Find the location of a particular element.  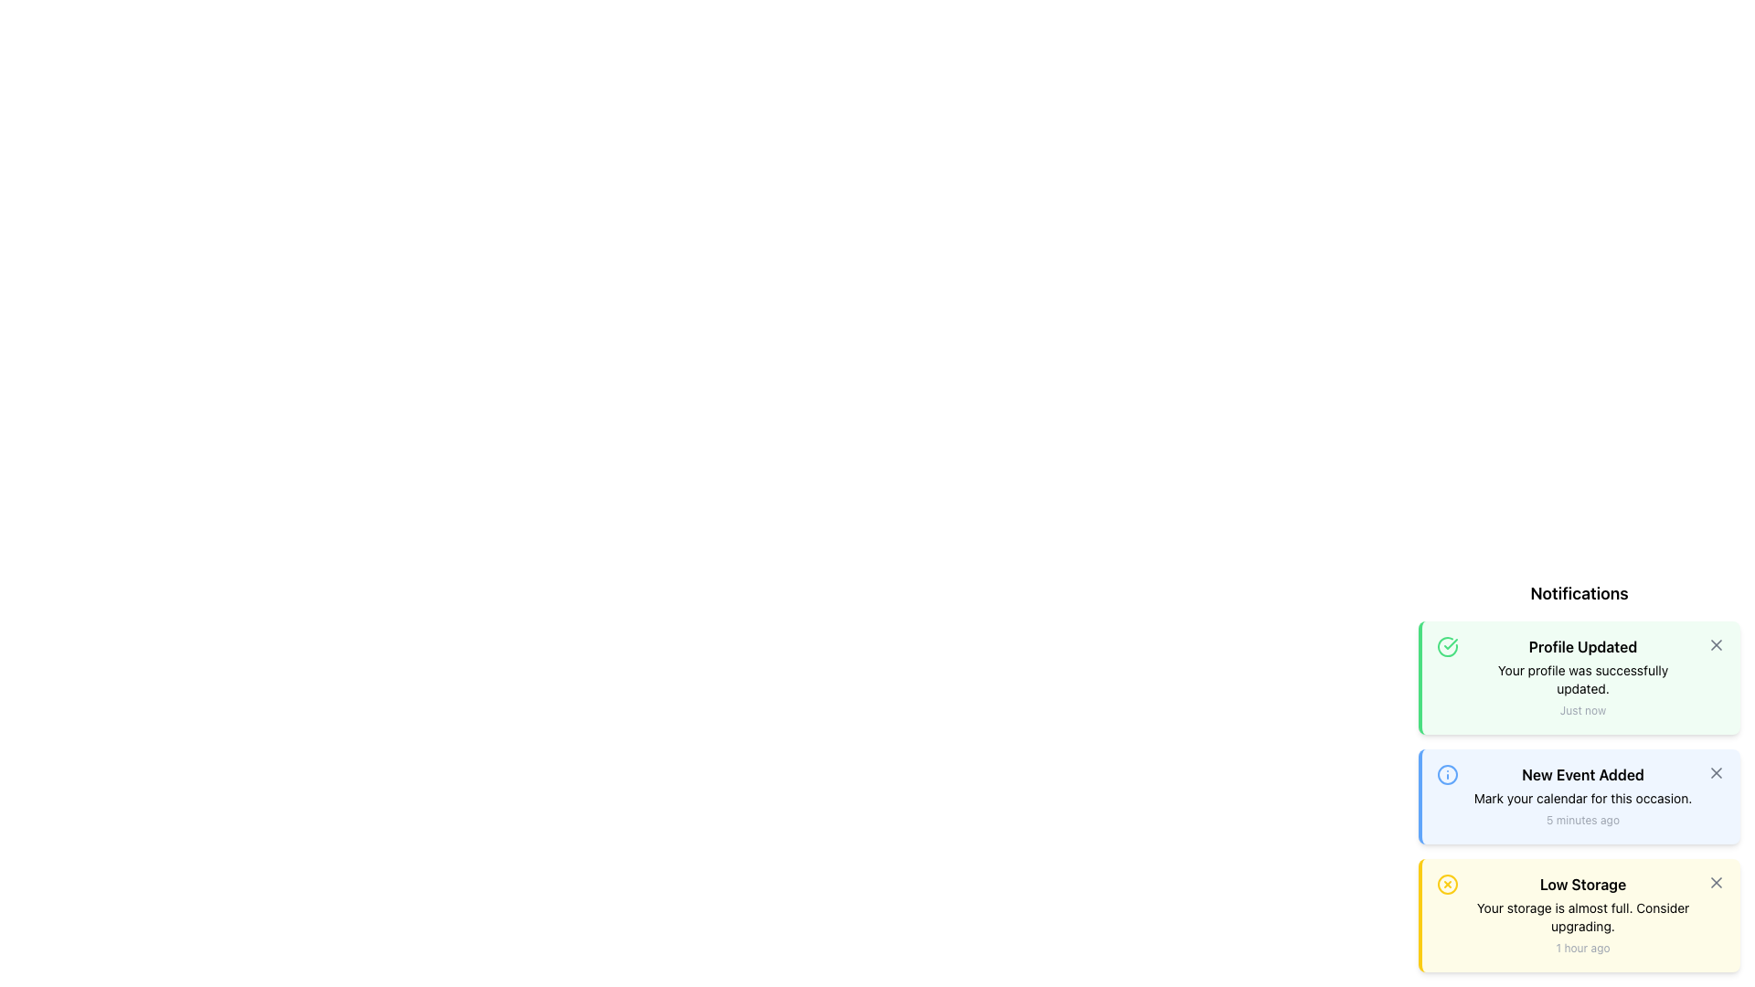

the text '5 minutes ago' which is styled in a small gray font and located at the bottom right of the notification card titled 'New Event Added' is located at coordinates (1582, 819).